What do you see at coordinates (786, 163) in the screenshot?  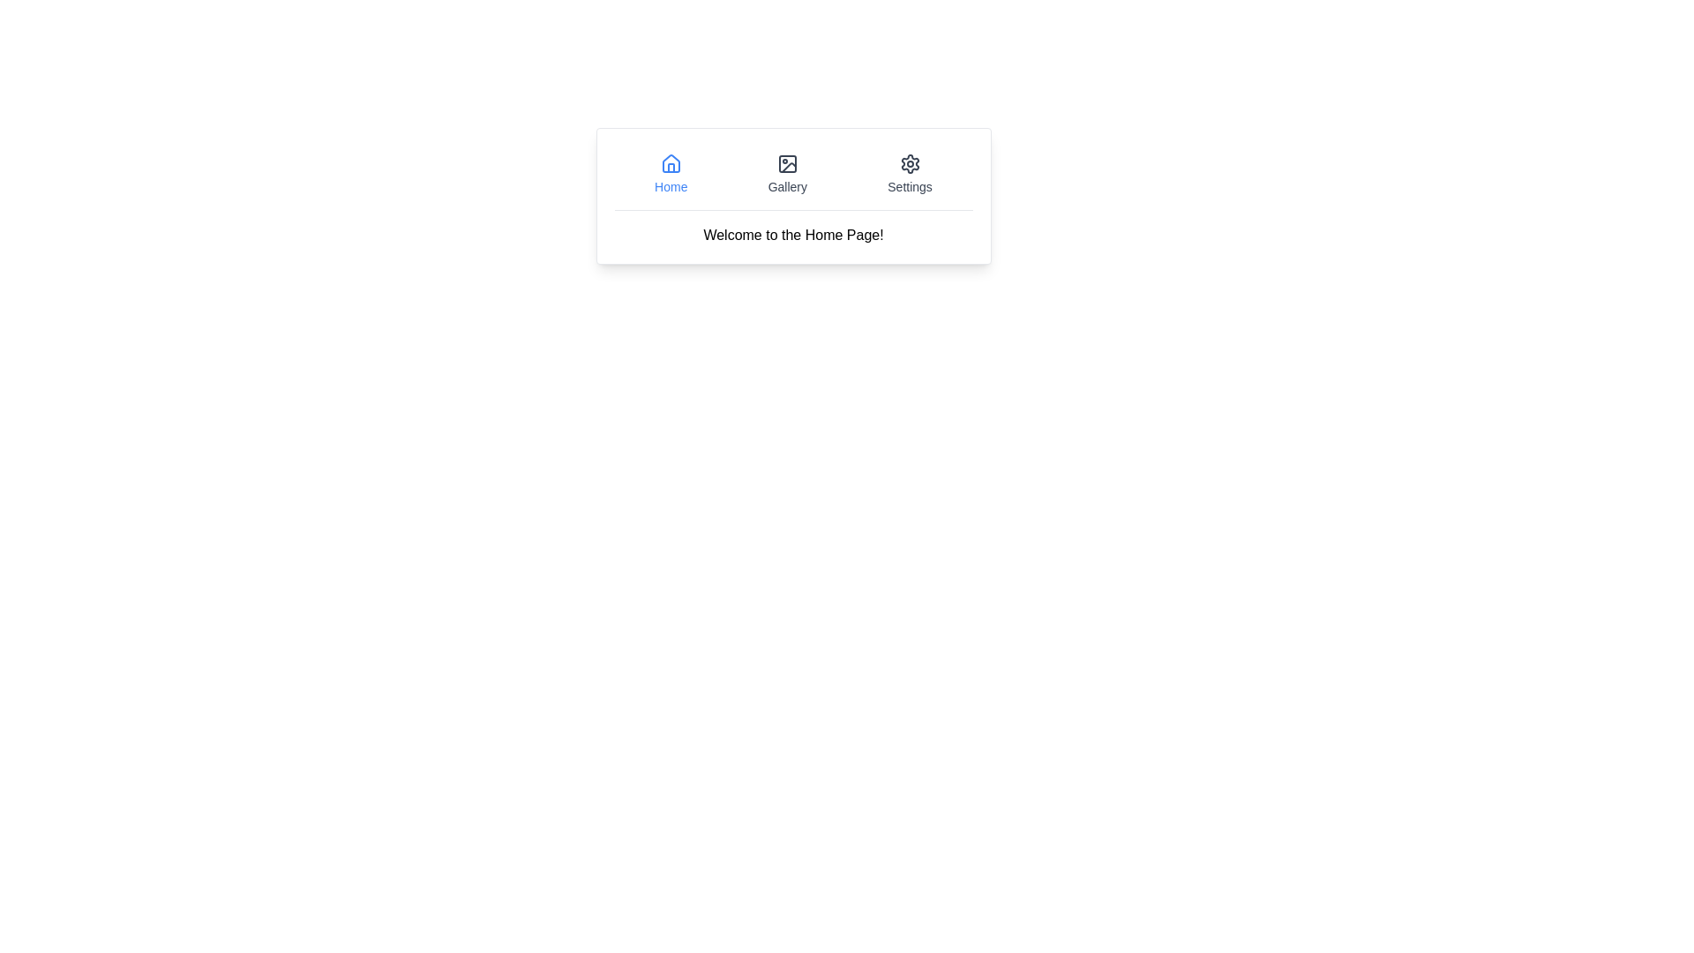 I see `the 'Gallery' icon button located in the center of the three-option horizontal menu bar, represented by a 24x24 pixel icon depicting a sun and mountain` at bounding box center [786, 163].